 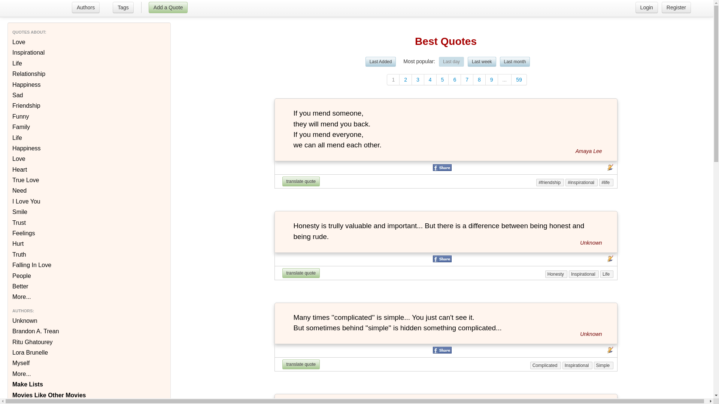 I want to click on '4', so click(x=430, y=79).